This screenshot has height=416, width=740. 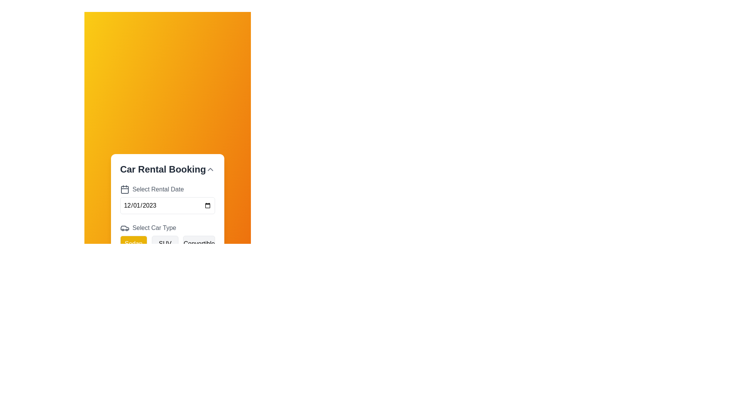 I want to click on the date input field styled with a rounded border, currently displaying '12/01/2023', to manually input a date, so click(x=167, y=205).